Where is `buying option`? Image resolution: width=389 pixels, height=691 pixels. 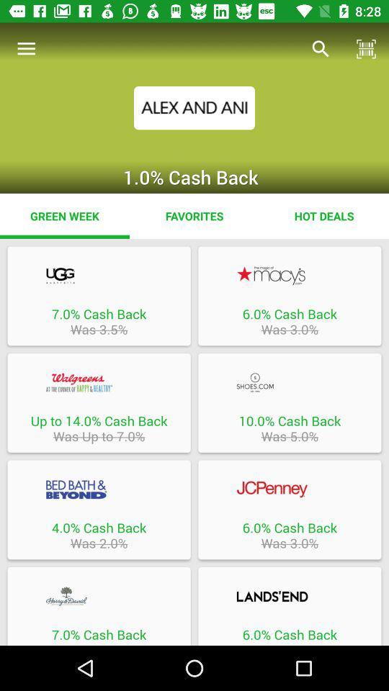 buying option is located at coordinates (290, 596).